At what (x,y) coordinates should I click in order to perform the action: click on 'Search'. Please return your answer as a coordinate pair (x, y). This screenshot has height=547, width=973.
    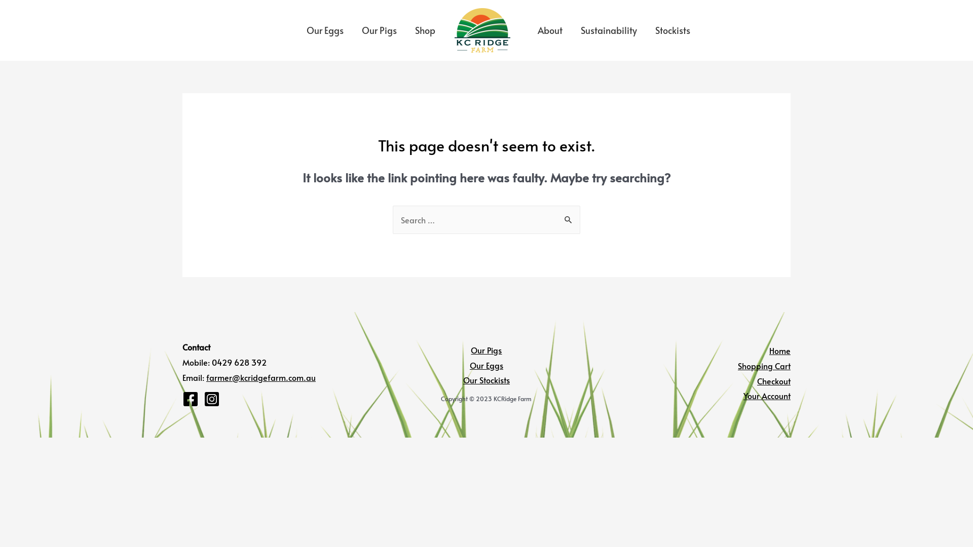
    Looking at the image, I should click on (569, 216).